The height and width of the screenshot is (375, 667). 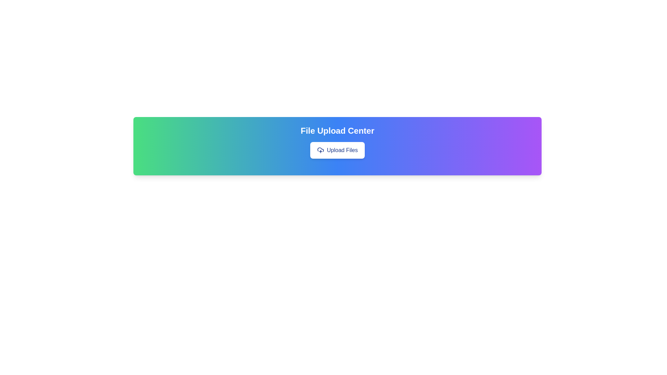 What do you see at coordinates (337, 150) in the screenshot?
I see `the file upload button located below the 'File Upload Center' text` at bounding box center [337, 150].